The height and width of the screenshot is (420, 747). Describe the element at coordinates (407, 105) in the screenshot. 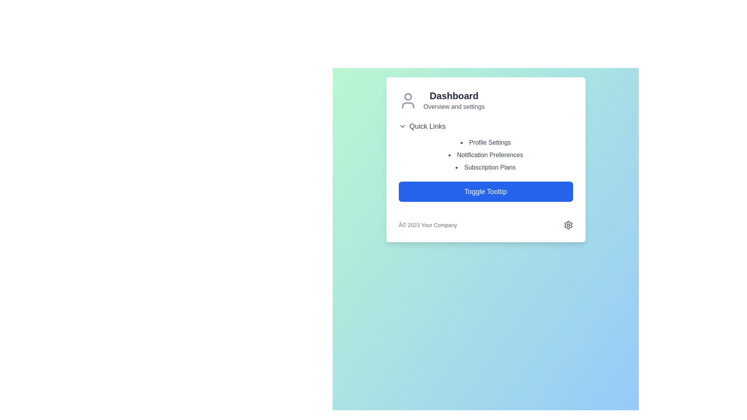

I see `the bottom part of the user icon in the SVG graphic located at the top left of the dashboard's header section` at that location.